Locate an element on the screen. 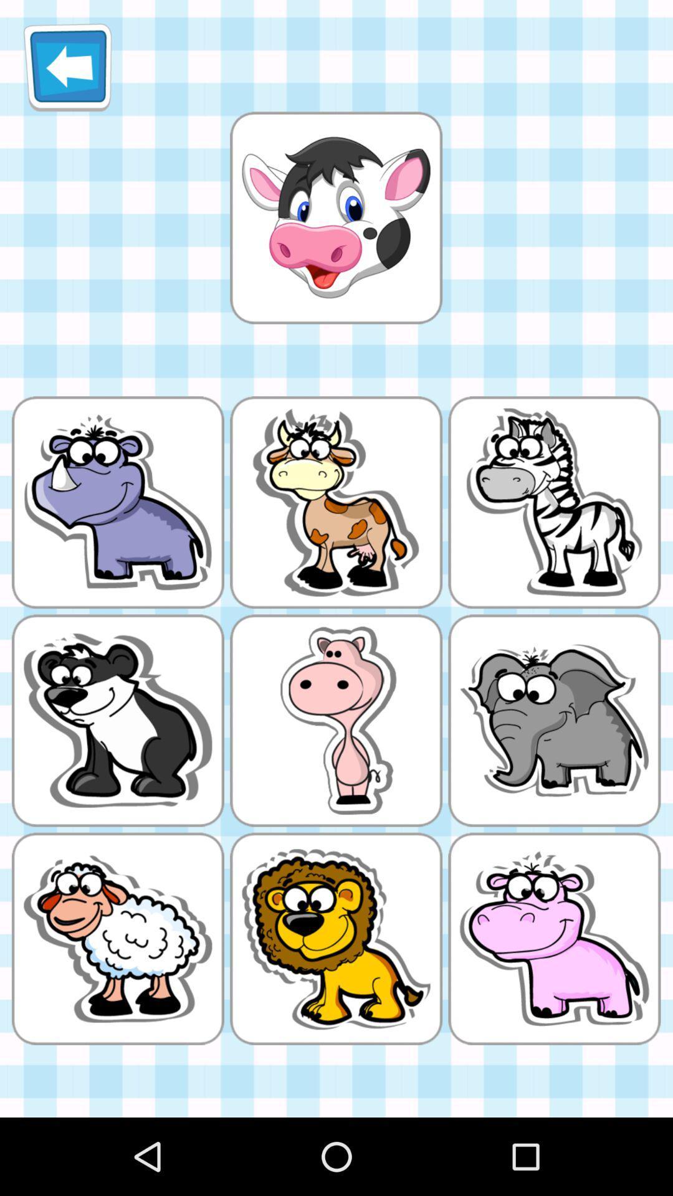 This screenshot has width=673, height=1196. item at the top left corner is located at coordinates (67, 67).